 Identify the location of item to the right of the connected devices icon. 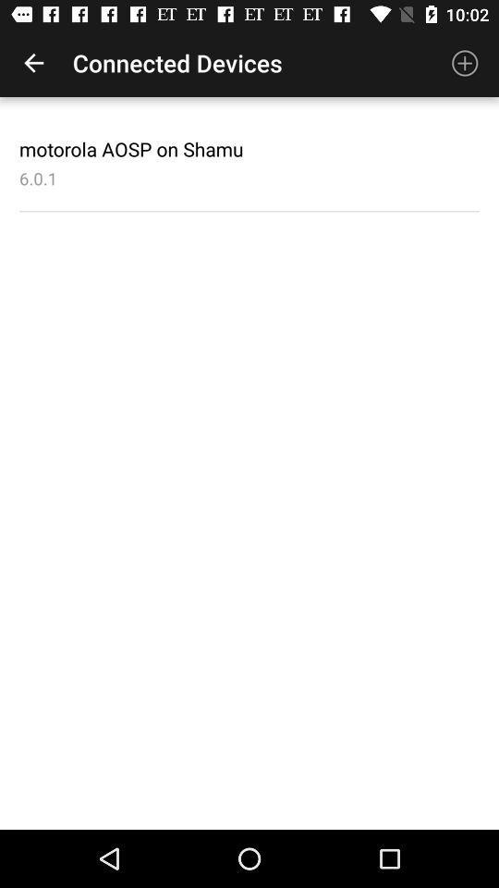
(464, 63).